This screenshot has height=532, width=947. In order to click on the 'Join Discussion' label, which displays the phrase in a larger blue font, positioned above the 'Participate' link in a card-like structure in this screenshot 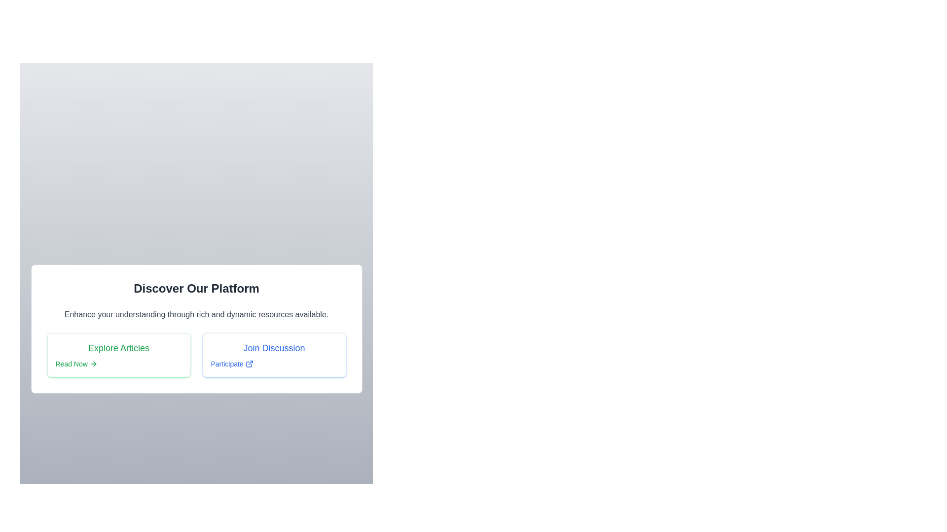, I will do `click(274, 347)`.